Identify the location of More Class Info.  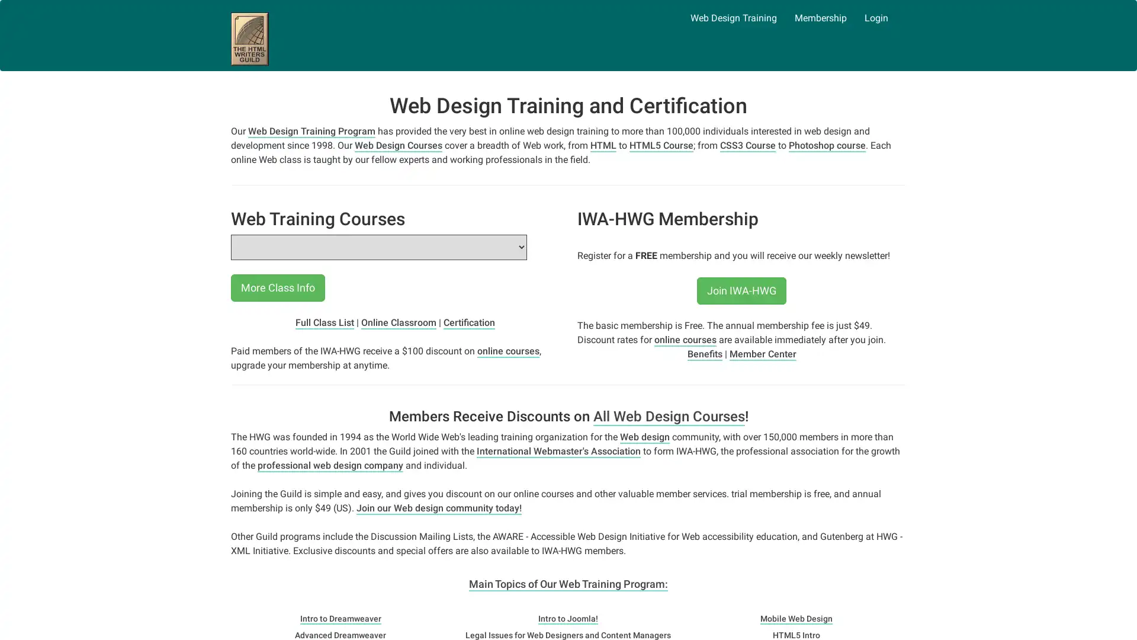
(277, 287).